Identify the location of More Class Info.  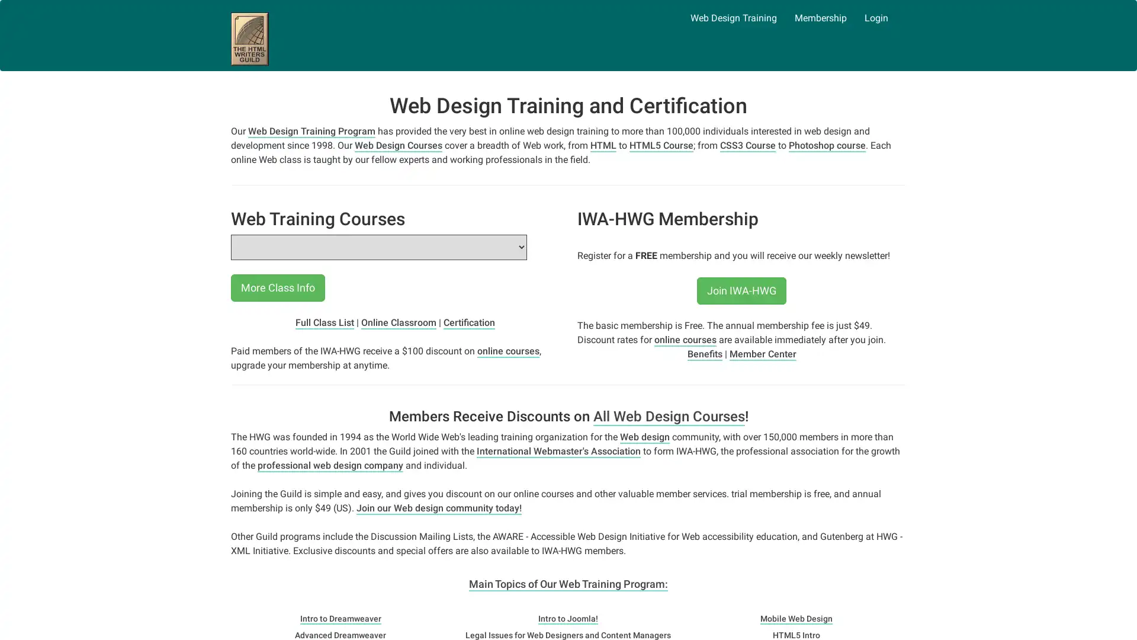
(277, 287).